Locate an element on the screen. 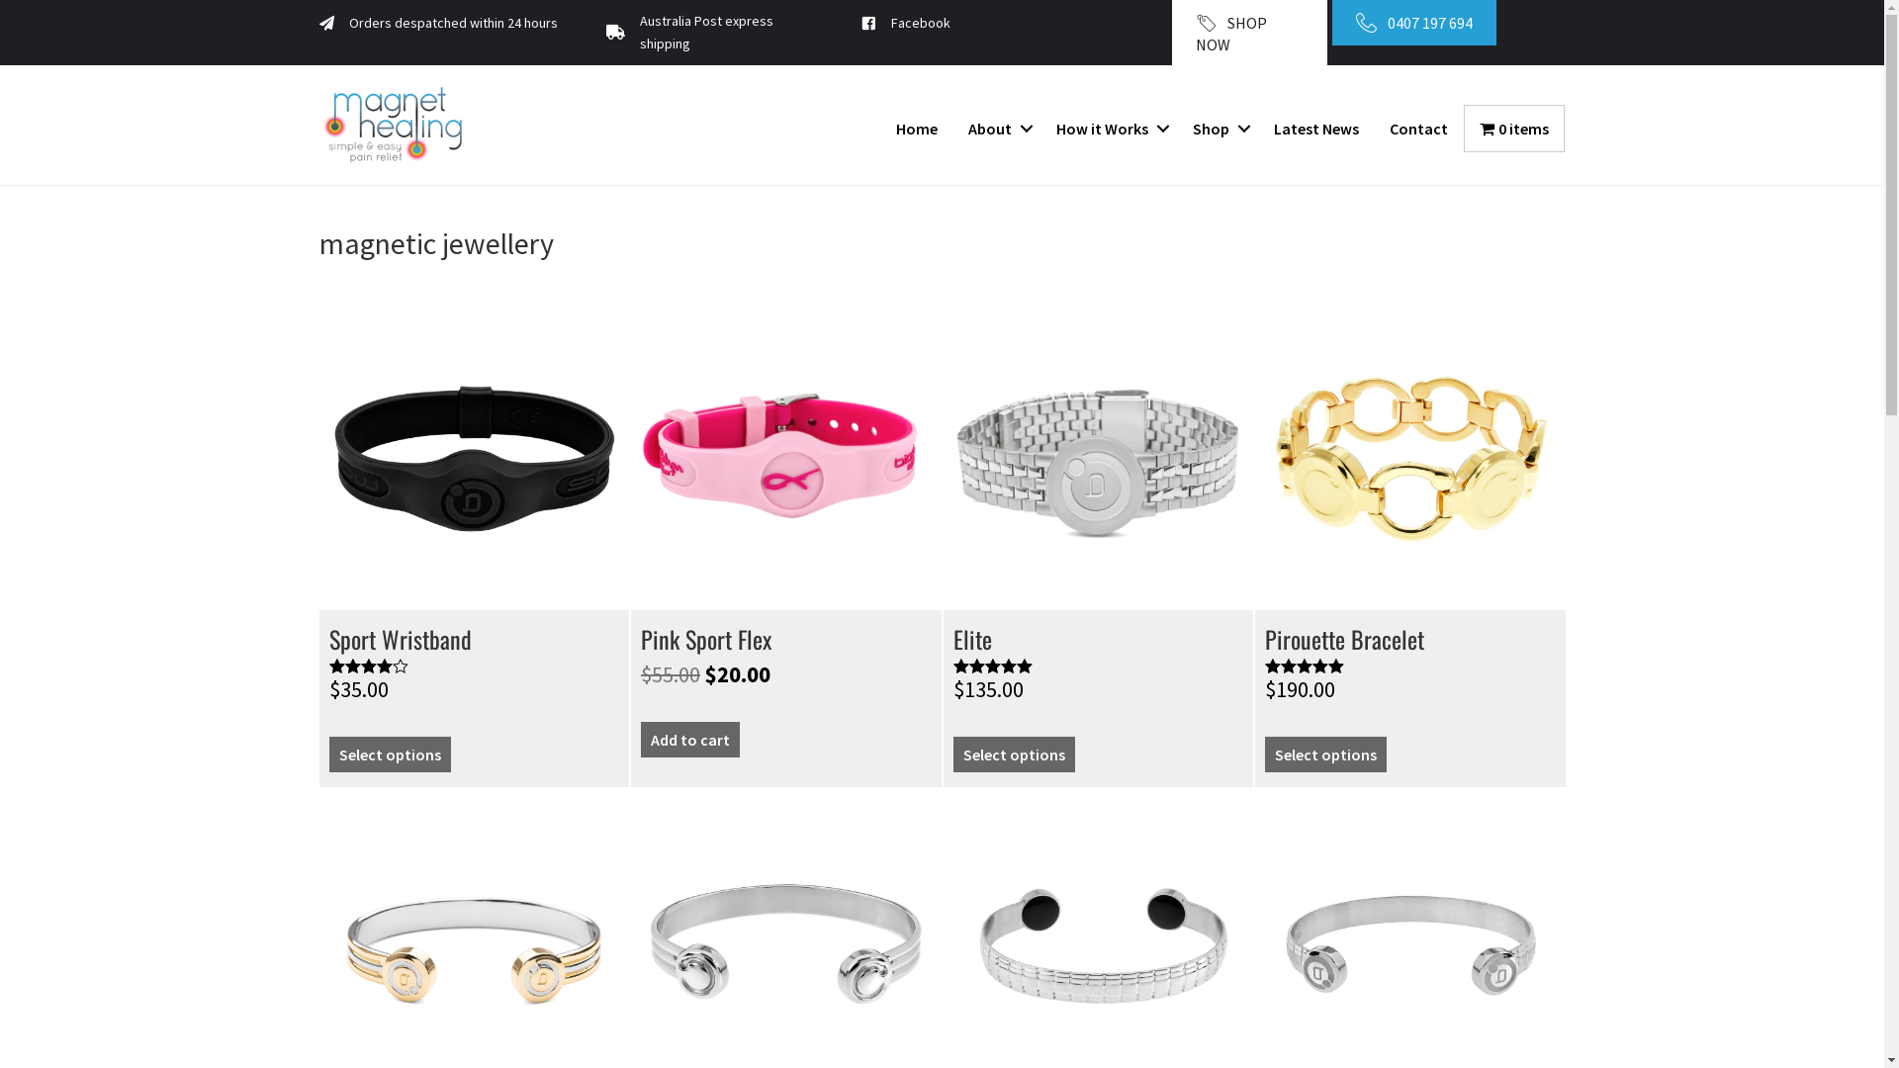 This screenshot has height=1068, width=1899. 'Latest News' is located at coordinates (1315, 129).